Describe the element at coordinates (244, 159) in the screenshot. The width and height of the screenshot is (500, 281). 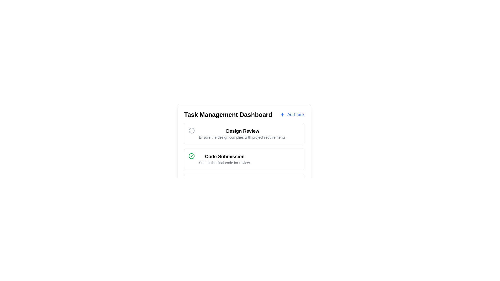
I see `the Task entry component titled 'Code Submission' which features a green check icon and is positioned centrally in the list of tasks` at that location.